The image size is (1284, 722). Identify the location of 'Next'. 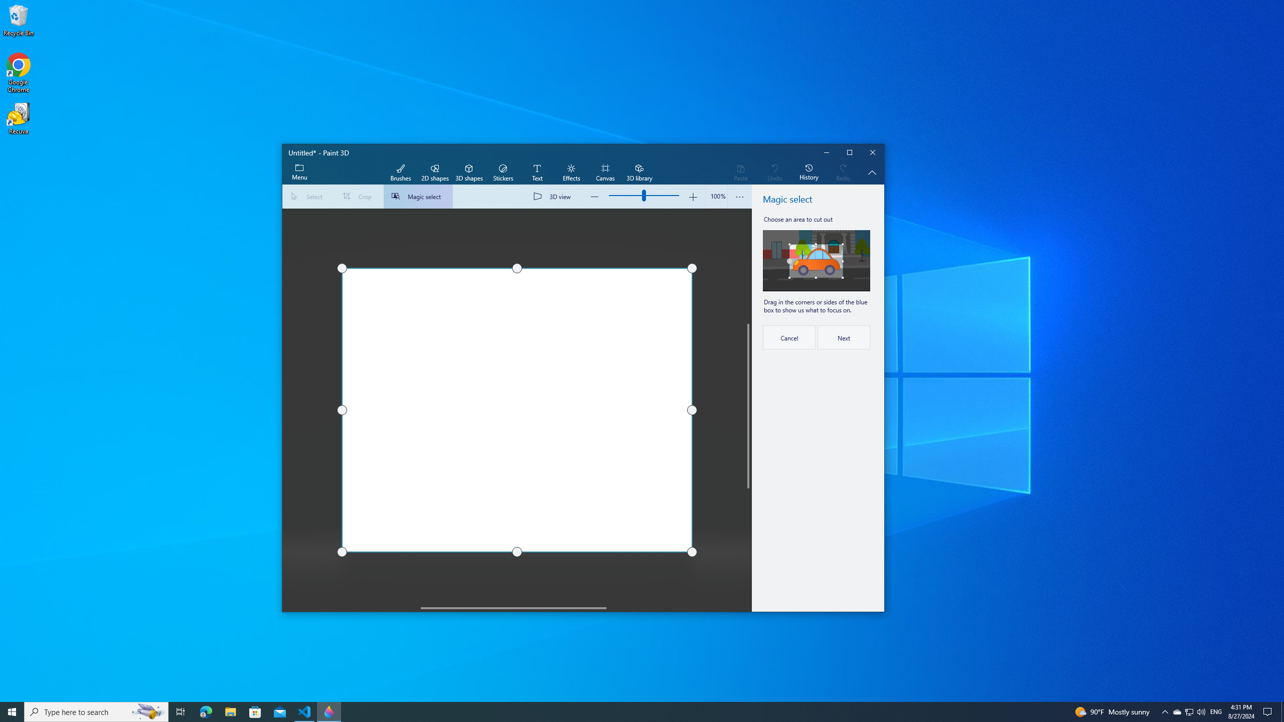
(844, 337).